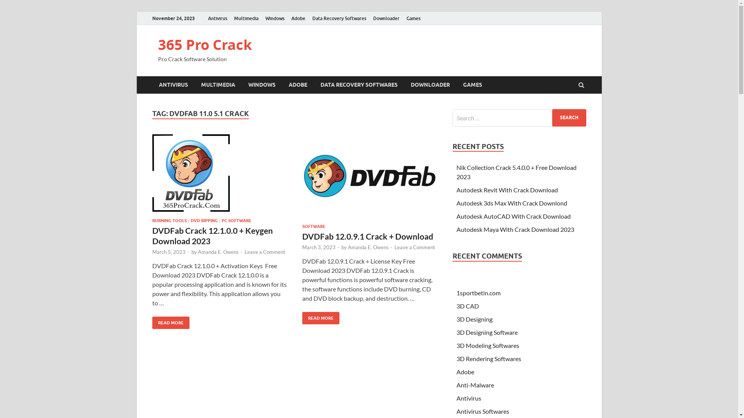 This screenshot has height=418, width=744. Describe the element at coordinates (517, 171) in the screenshot. I see `'Nik Collection Crack 5.4.0.0 + Free Download 2023'` at that location.